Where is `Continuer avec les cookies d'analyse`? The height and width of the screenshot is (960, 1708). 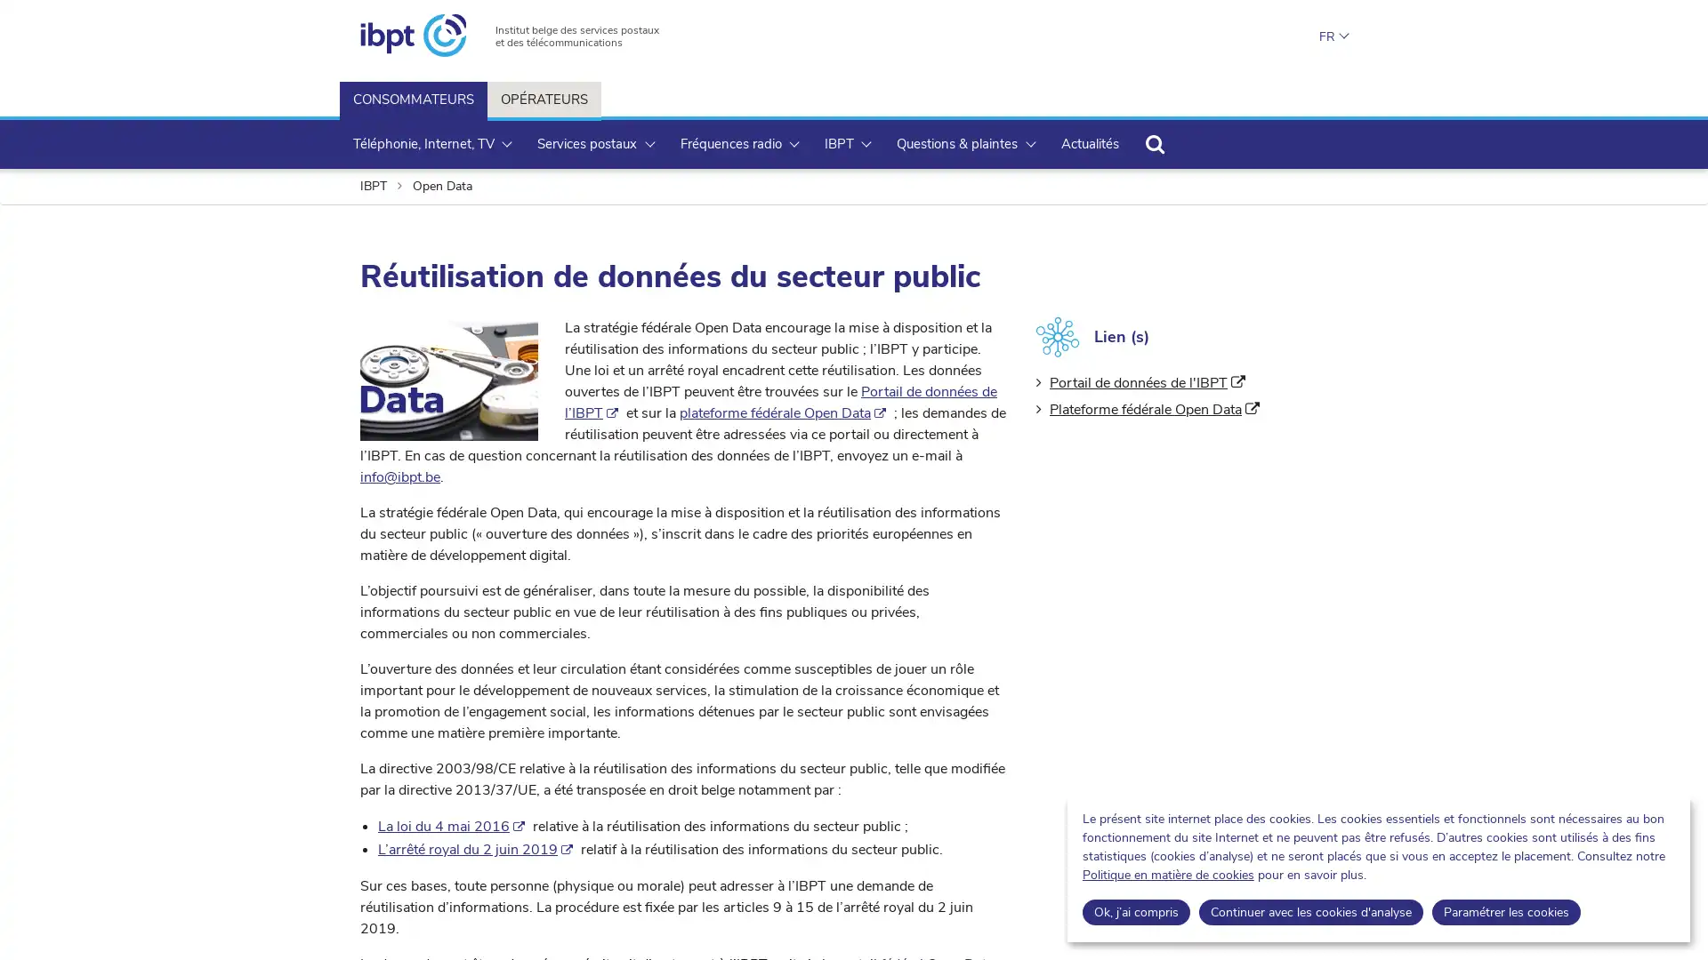 Continuer avec les cookies d'analyse is located at coordinates (1310, 912).